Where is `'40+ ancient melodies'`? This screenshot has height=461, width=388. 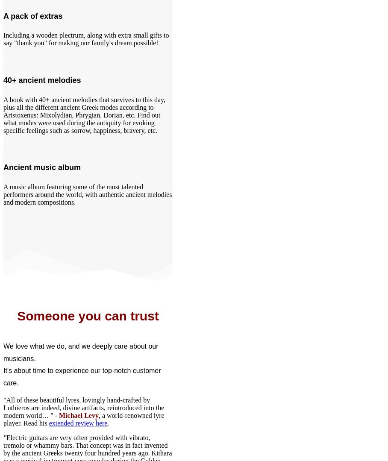 '40+ ancient melodies' is located at coordinates (41, 80).